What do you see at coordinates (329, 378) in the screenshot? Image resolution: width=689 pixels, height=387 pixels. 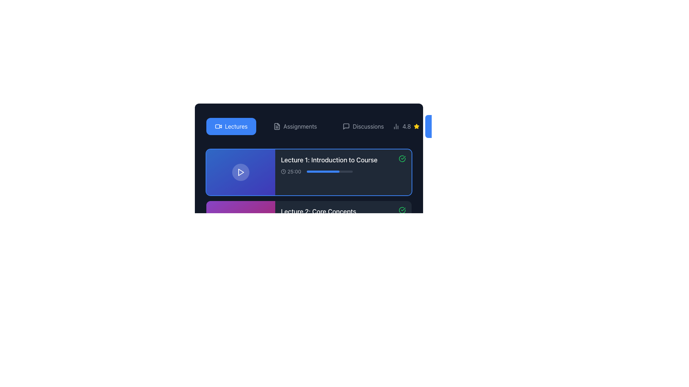 I see `the progress bar element that visually indicates completion or state, positioned in the middle area of the layout with a gray background and rounded ends` at bounding box center [329, 378].